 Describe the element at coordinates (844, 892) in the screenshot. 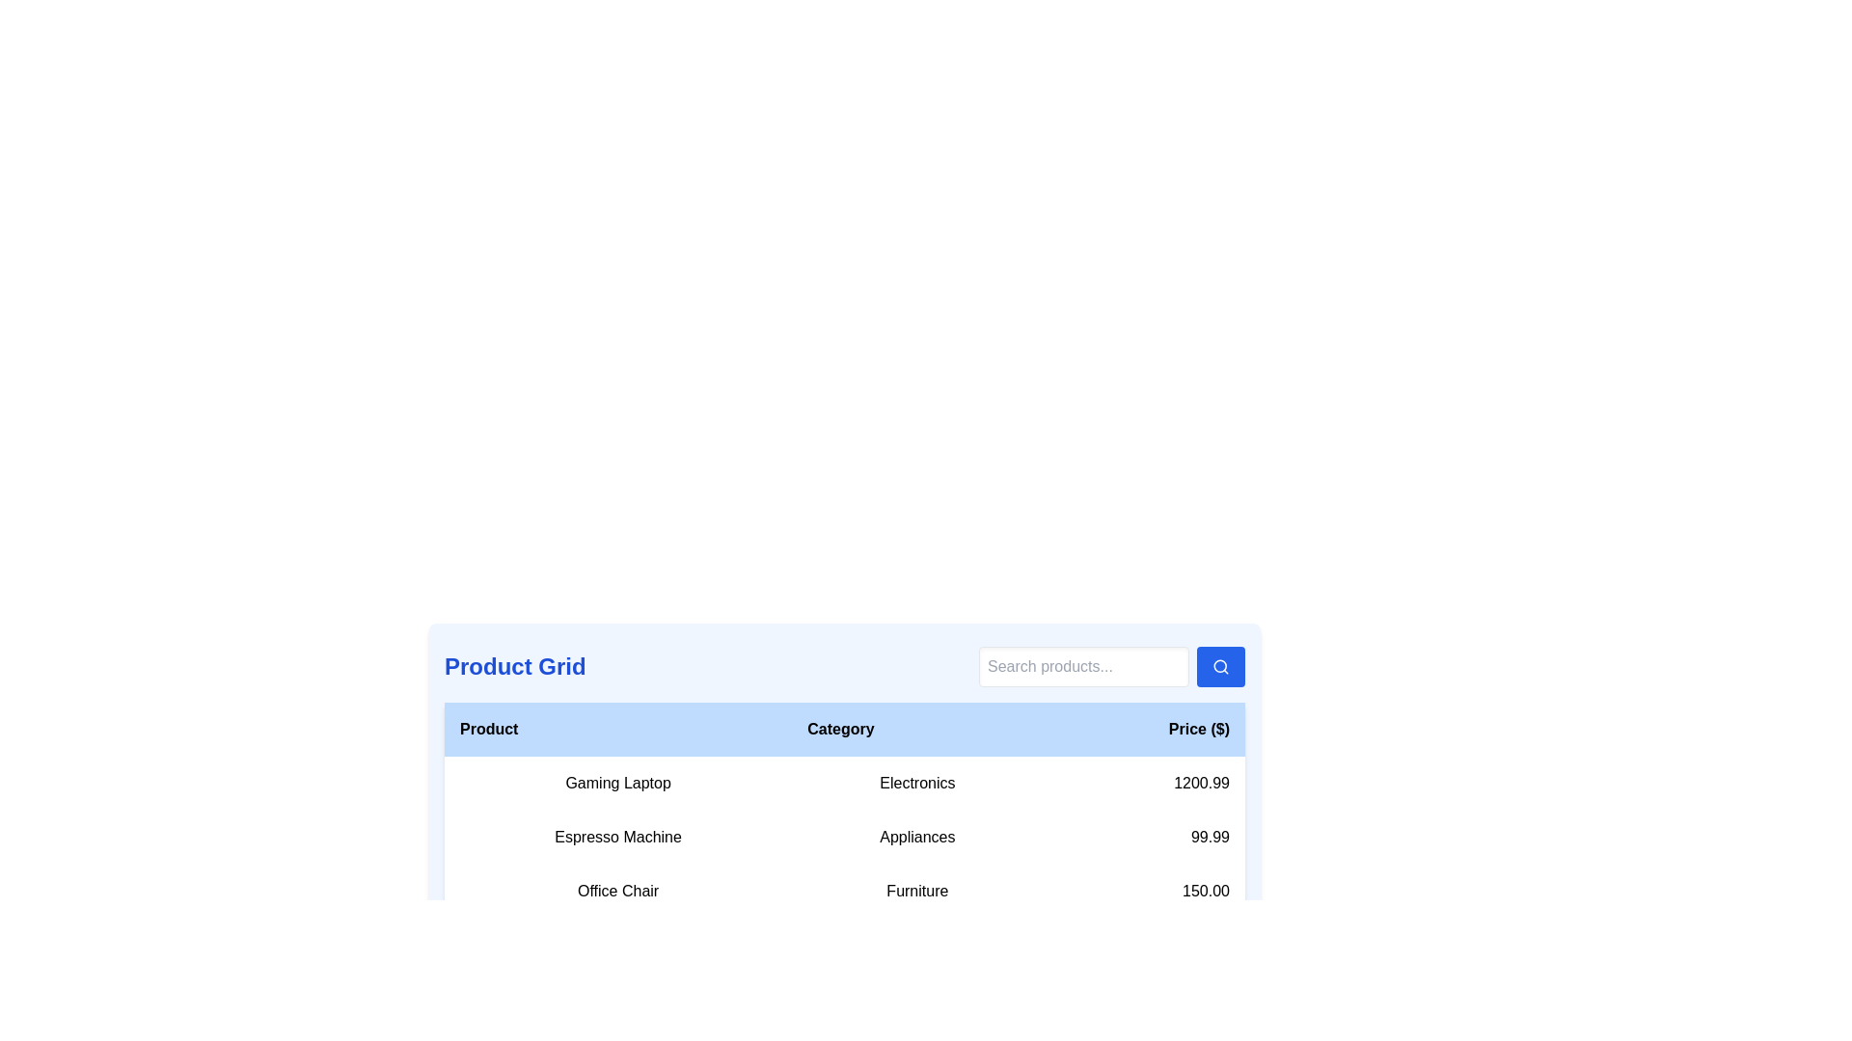

I see `information displayed in the third row of the table, which contains details about the office chair, including its name, category, and price` at that location.